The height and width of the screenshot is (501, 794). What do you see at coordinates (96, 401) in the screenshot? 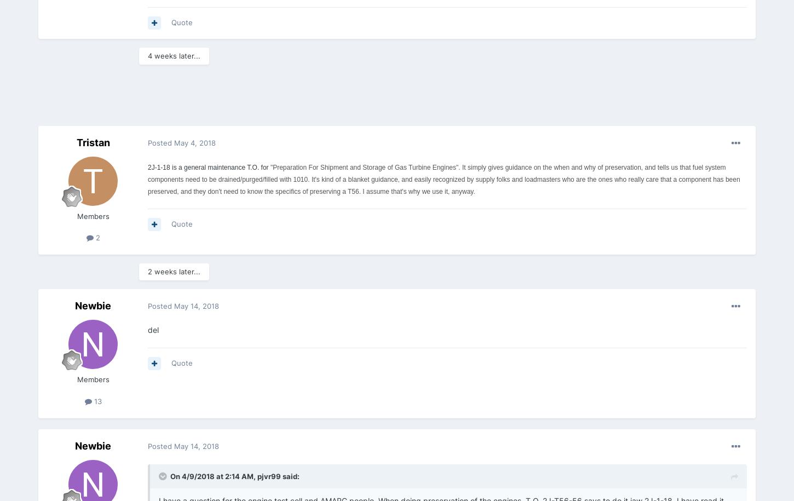
I see `'13'` at bounding box center [96, 401].